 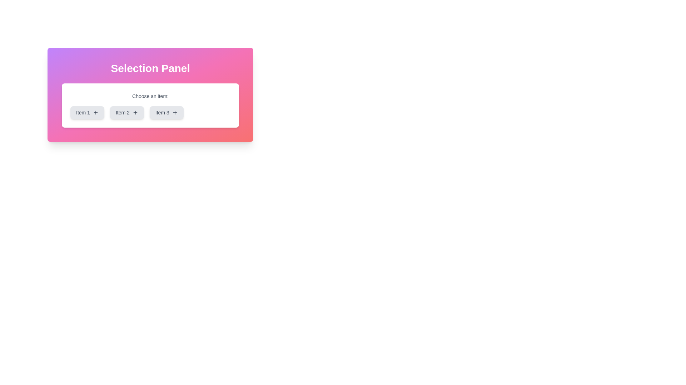 I want to click on the Interactive Panel containing the text 'Choose an item', so click(x=150, y=94).